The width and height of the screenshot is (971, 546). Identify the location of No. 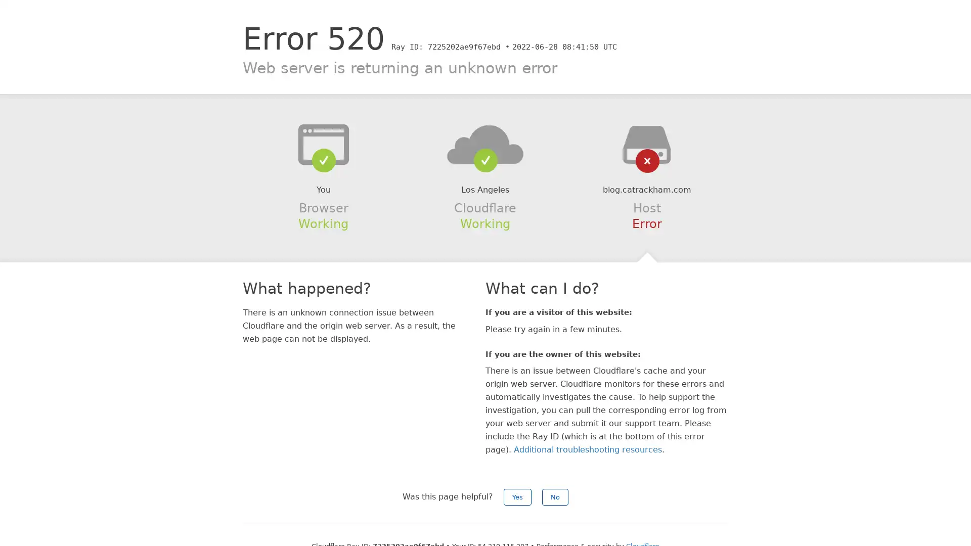
(555, 496).